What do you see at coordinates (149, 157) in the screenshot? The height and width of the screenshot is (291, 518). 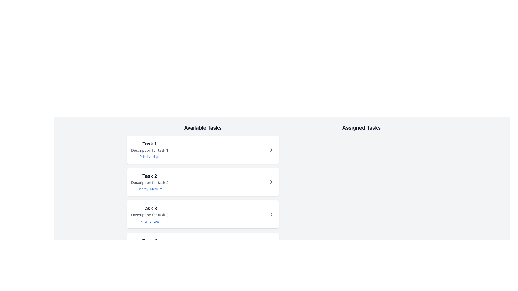 I see `label text that indicates the priority level of the associated task, located in the first card of the 'Available Tasks' section, as the third line of text following 'Task 1'` at bounding box center [149, 157].